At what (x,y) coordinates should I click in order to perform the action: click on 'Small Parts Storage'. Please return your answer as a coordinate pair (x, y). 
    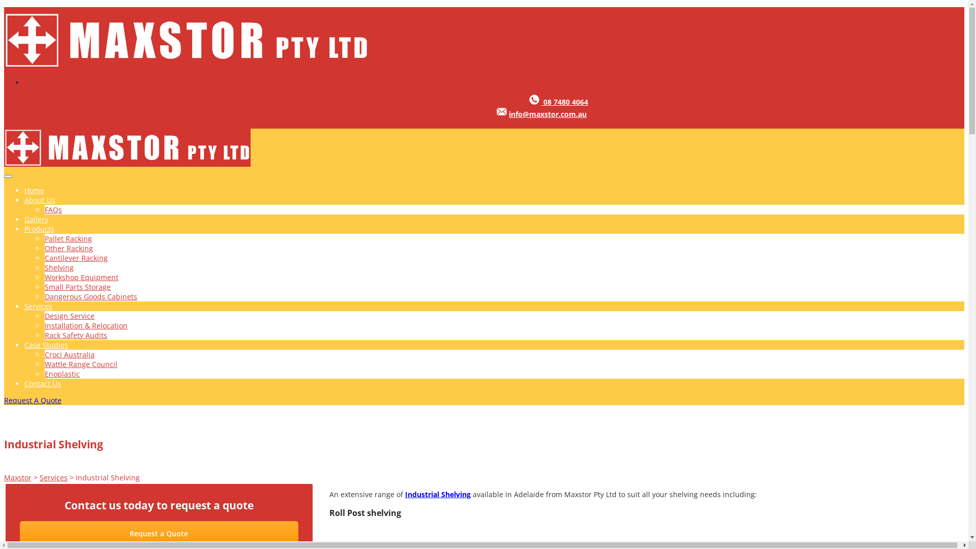
    Looking at the image, I should click on (44, 287).